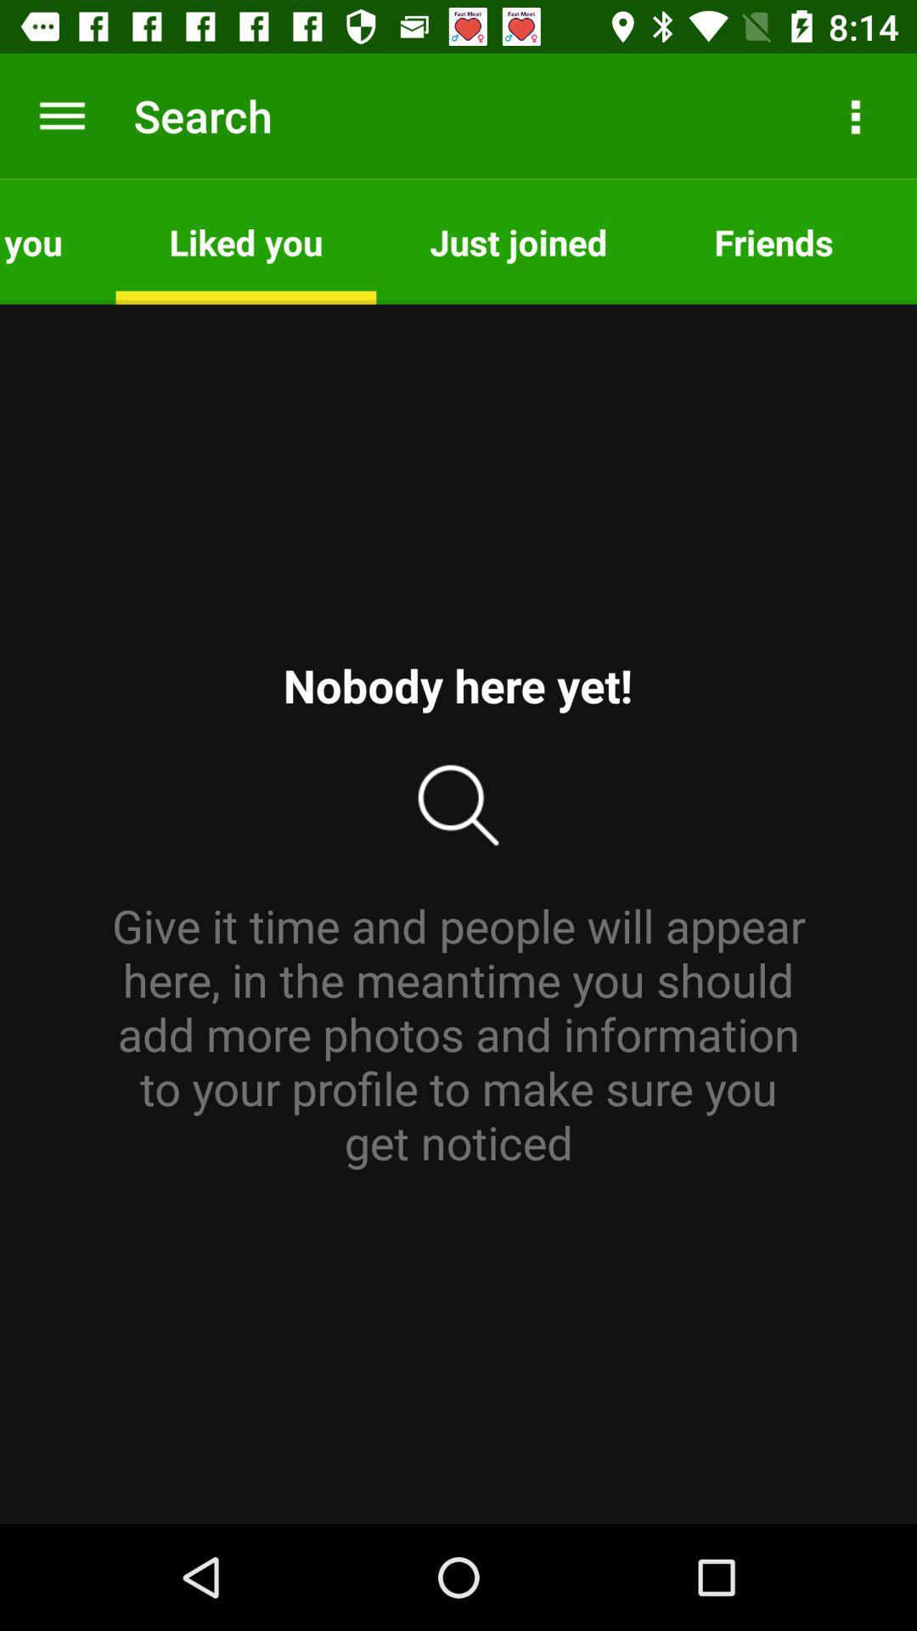  Describe the element at coordinates (57, 240) in the screenshot. I see `the item above give it time app` at that location.